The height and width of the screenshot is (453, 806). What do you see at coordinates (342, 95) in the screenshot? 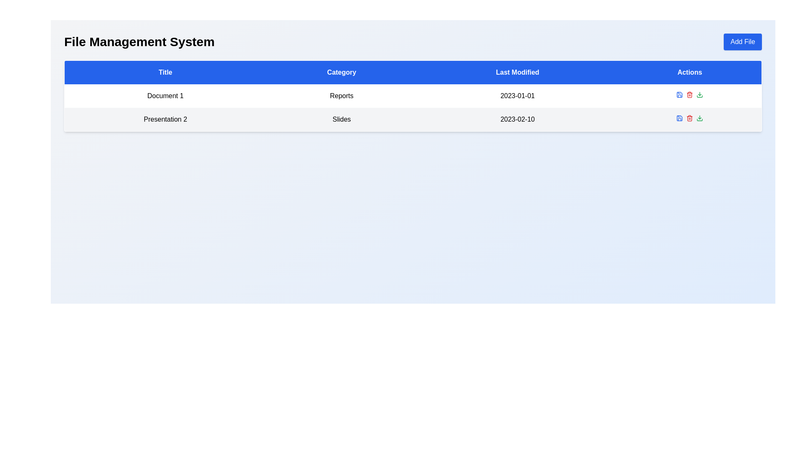
I see `the 'Reports' text cell in the table, which is located in the second column under the 'Category' header and belongs to the first row (Document 1)` at bounding box center [342, 95].